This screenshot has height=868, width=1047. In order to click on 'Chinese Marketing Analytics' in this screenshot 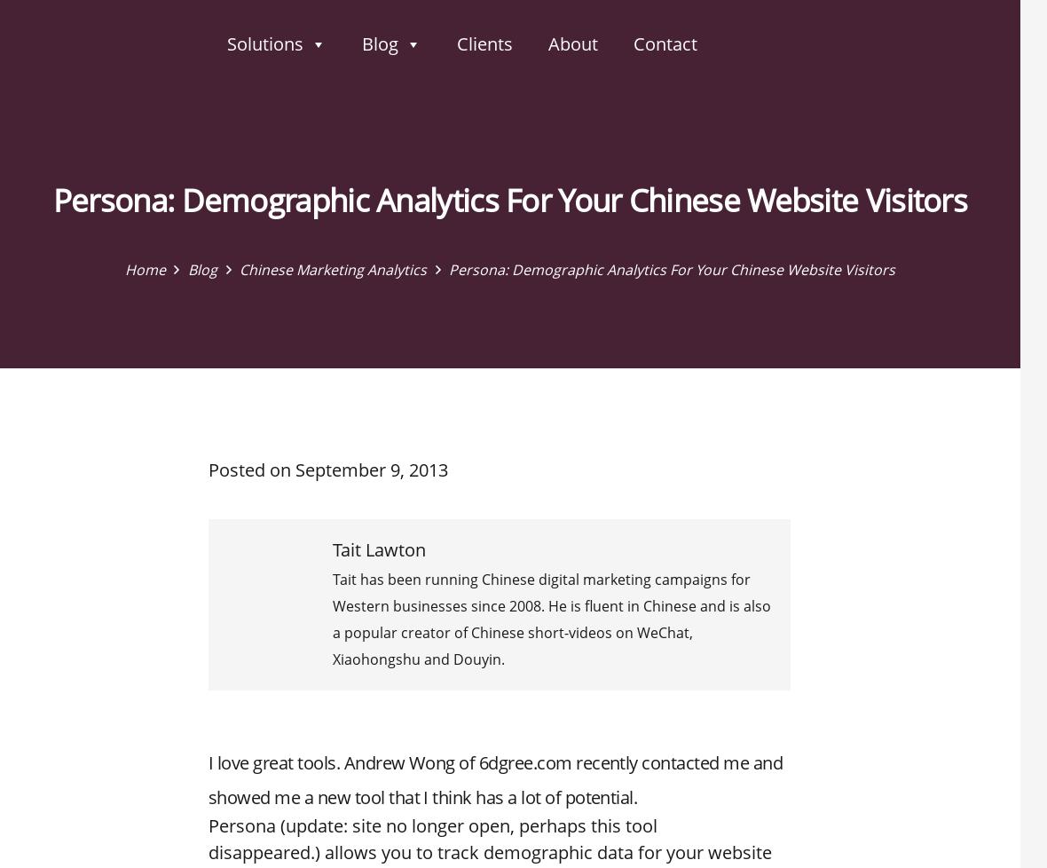, I will do `click(332, 267)`.